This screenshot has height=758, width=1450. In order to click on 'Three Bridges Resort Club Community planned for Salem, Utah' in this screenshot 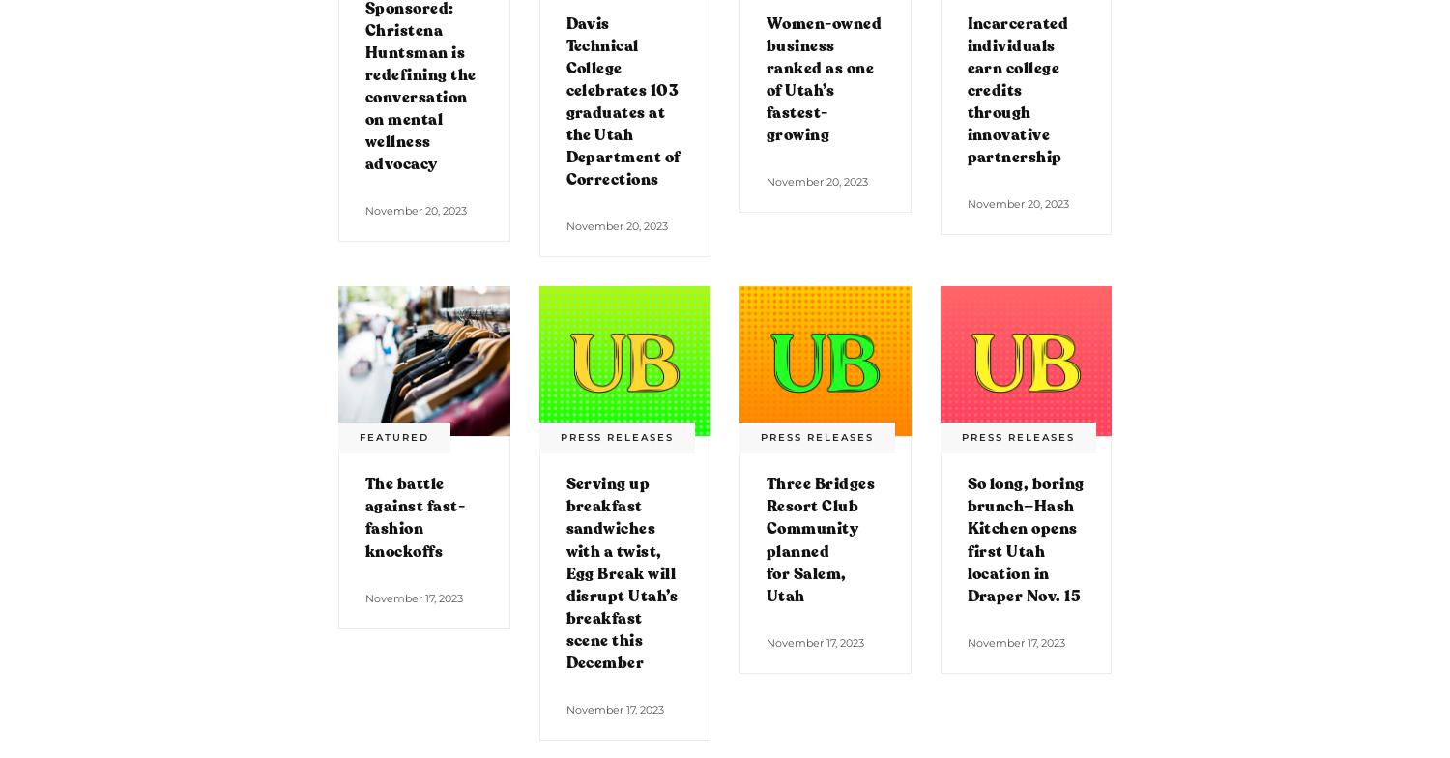, I will do `click(767, 539)`.